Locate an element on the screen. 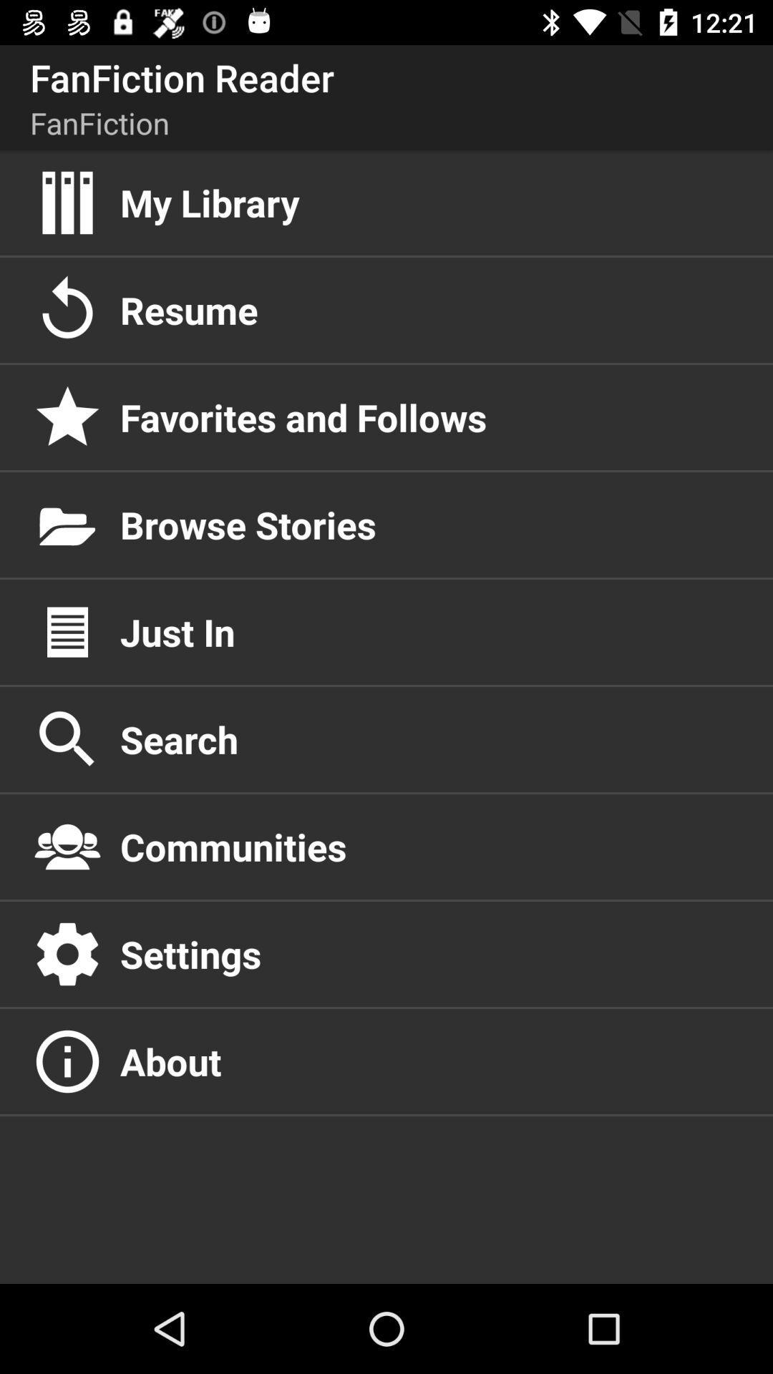 This screenshot has height=1374, width=773. my library is located at coordinates (430, 202).